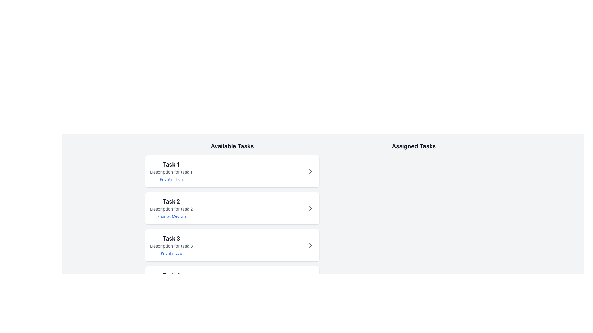 Image resolution: width=593 pixels, height=333 pixels. Describe the element at coordinates (232, 146) in the screenshot. I see `text label that serves as the header for the 'Available Tasks' section, located at the top of the task list` at that location.